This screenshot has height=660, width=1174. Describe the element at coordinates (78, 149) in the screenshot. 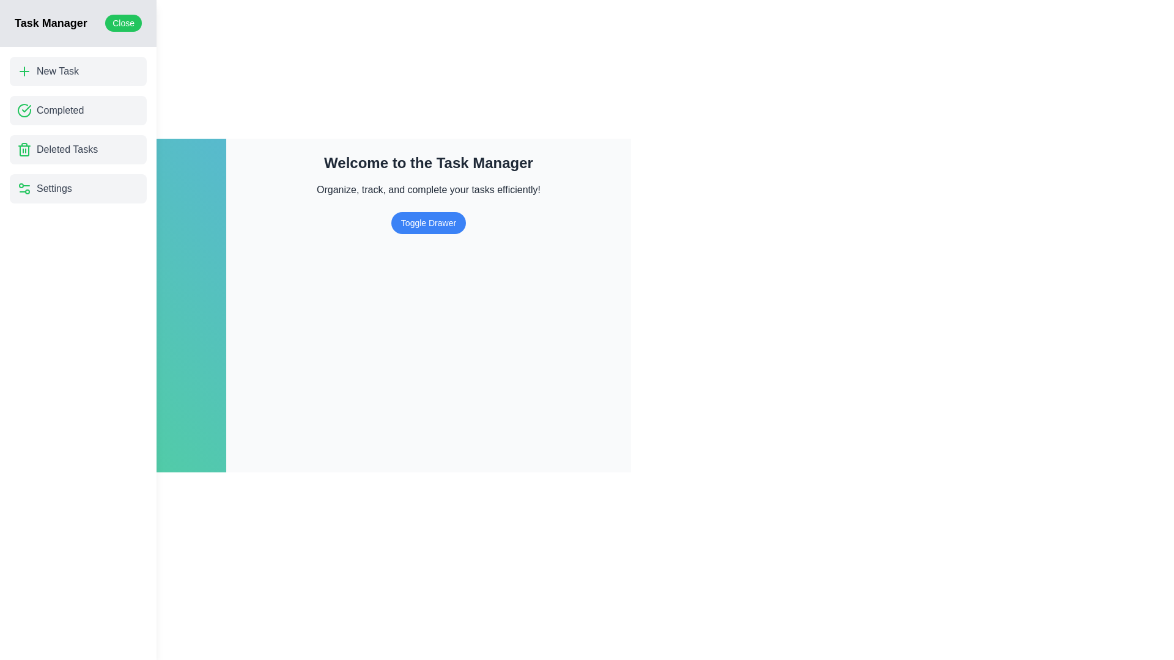

I see `the item Deleted Tasks from the drawer menu` at that location.